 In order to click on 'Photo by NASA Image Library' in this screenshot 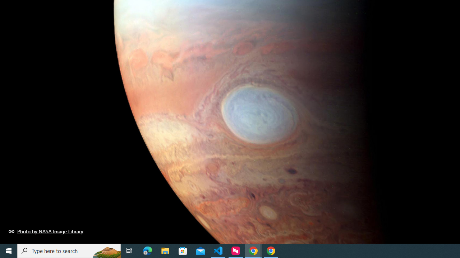, I will do `click(46, 231)`.